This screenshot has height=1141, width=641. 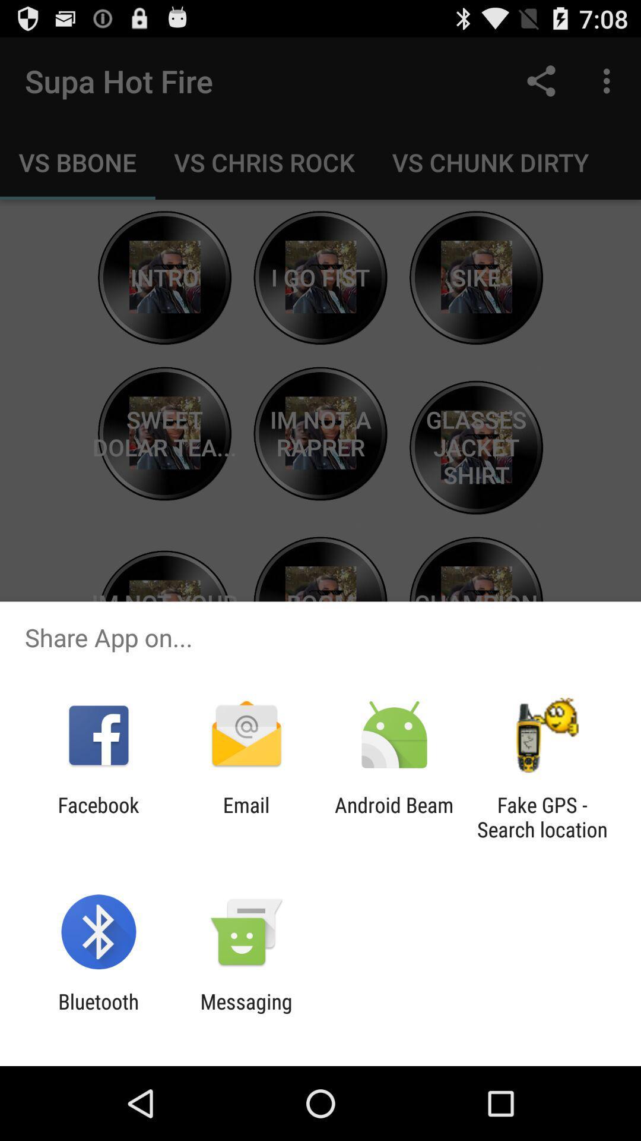 I want to click on fake gps search item, so click(x=542, y=817).